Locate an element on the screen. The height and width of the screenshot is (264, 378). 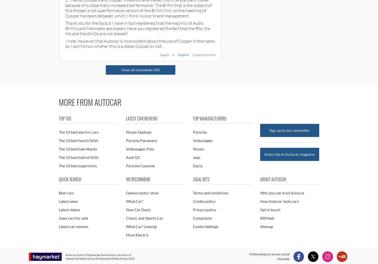
'Top 10s' is located at coordinates (65, 118).